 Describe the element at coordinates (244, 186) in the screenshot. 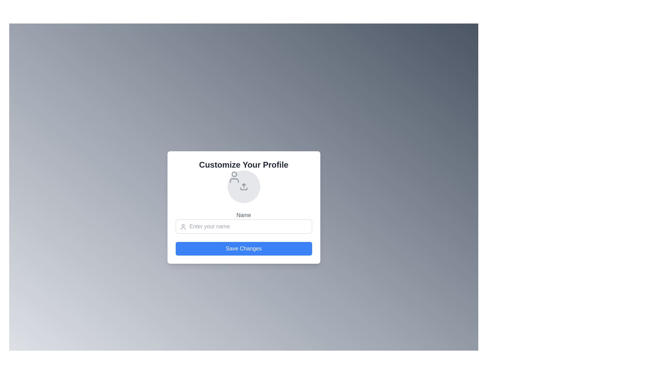

I see `the image upload placeholder located at the central top of the modal interface beneath the title 'Customize Your Profile'` at that location.